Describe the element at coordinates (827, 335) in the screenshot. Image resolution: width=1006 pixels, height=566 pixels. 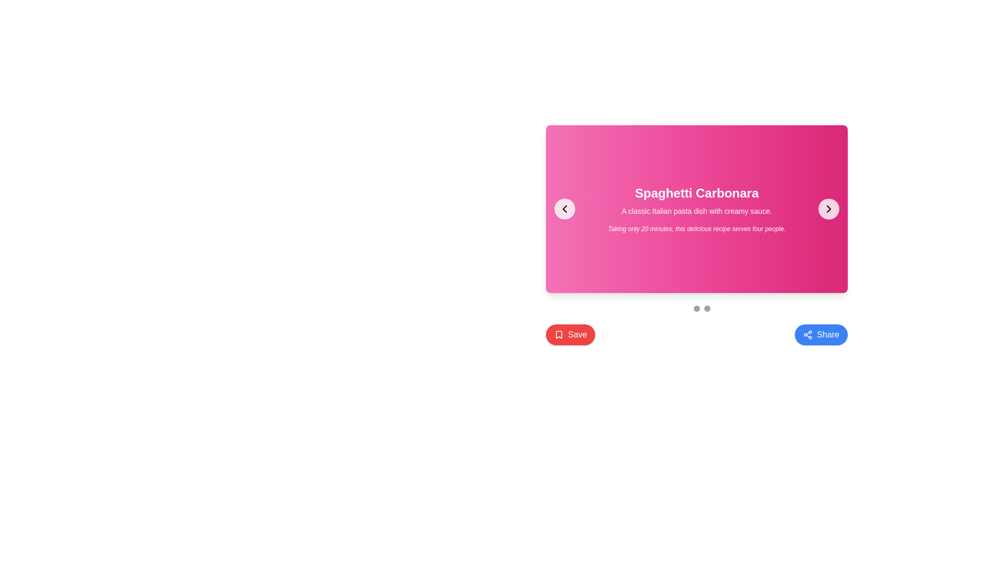
I see `the 'Share' text label located at the bottom right of the interface within a rounded blue button` at that location.